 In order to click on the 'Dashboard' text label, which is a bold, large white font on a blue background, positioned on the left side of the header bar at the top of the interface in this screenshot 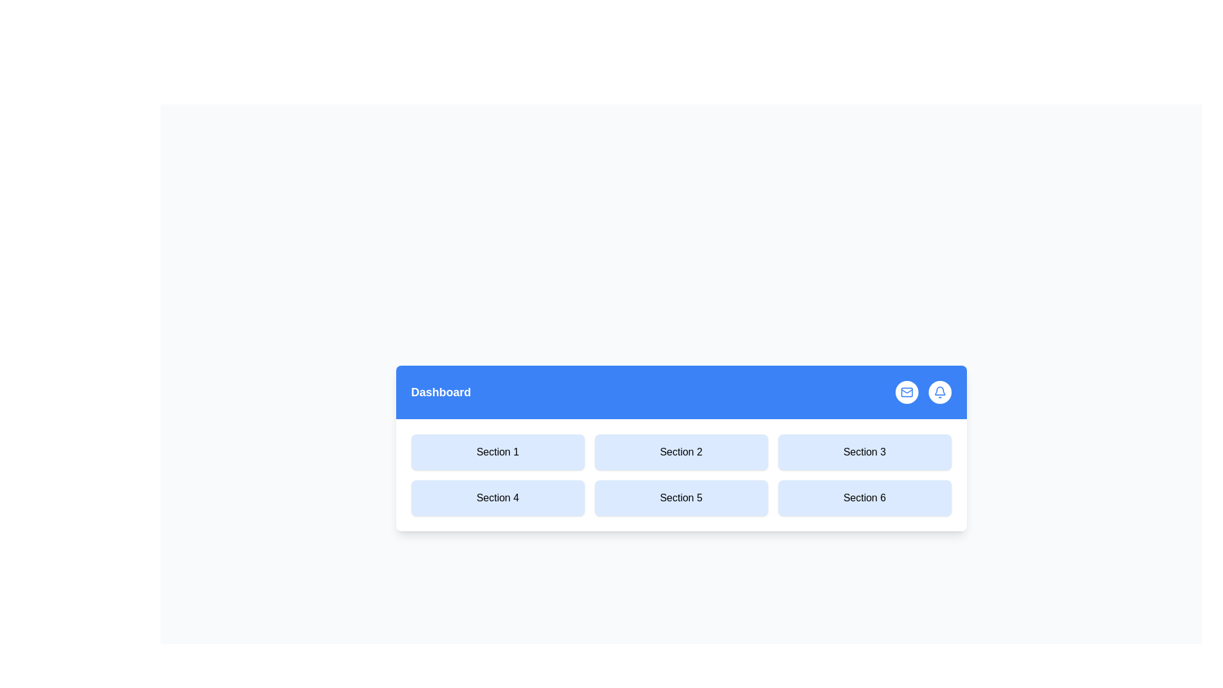, I will do `click(441, 392)`.